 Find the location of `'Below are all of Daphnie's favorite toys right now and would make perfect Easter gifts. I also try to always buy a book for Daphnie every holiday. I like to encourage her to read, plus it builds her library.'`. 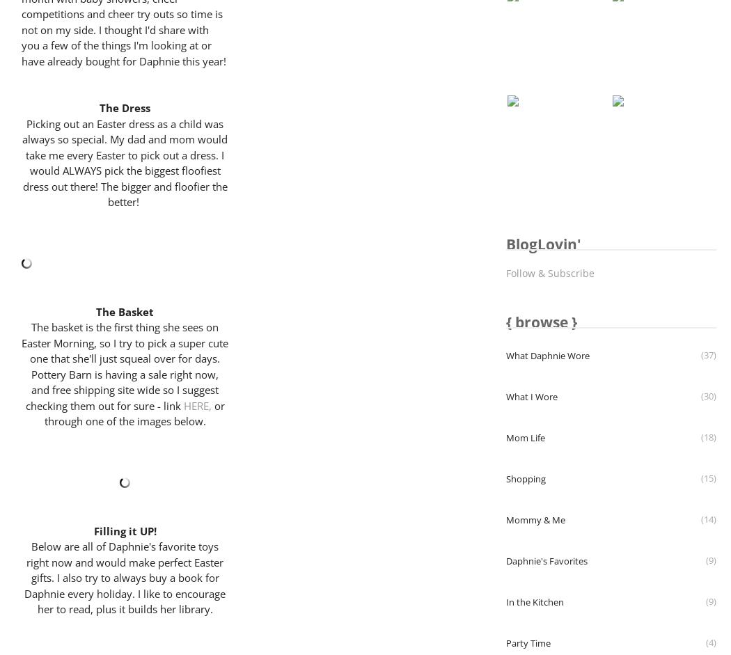

'Below are all of Daphnie's favorite toys right now and would make perfect Easter gifts. I also try to always buy a book for Daphnie every holiday. I like to encourage her to read, plus it builds her library.' is located at coordinates (24, 576).